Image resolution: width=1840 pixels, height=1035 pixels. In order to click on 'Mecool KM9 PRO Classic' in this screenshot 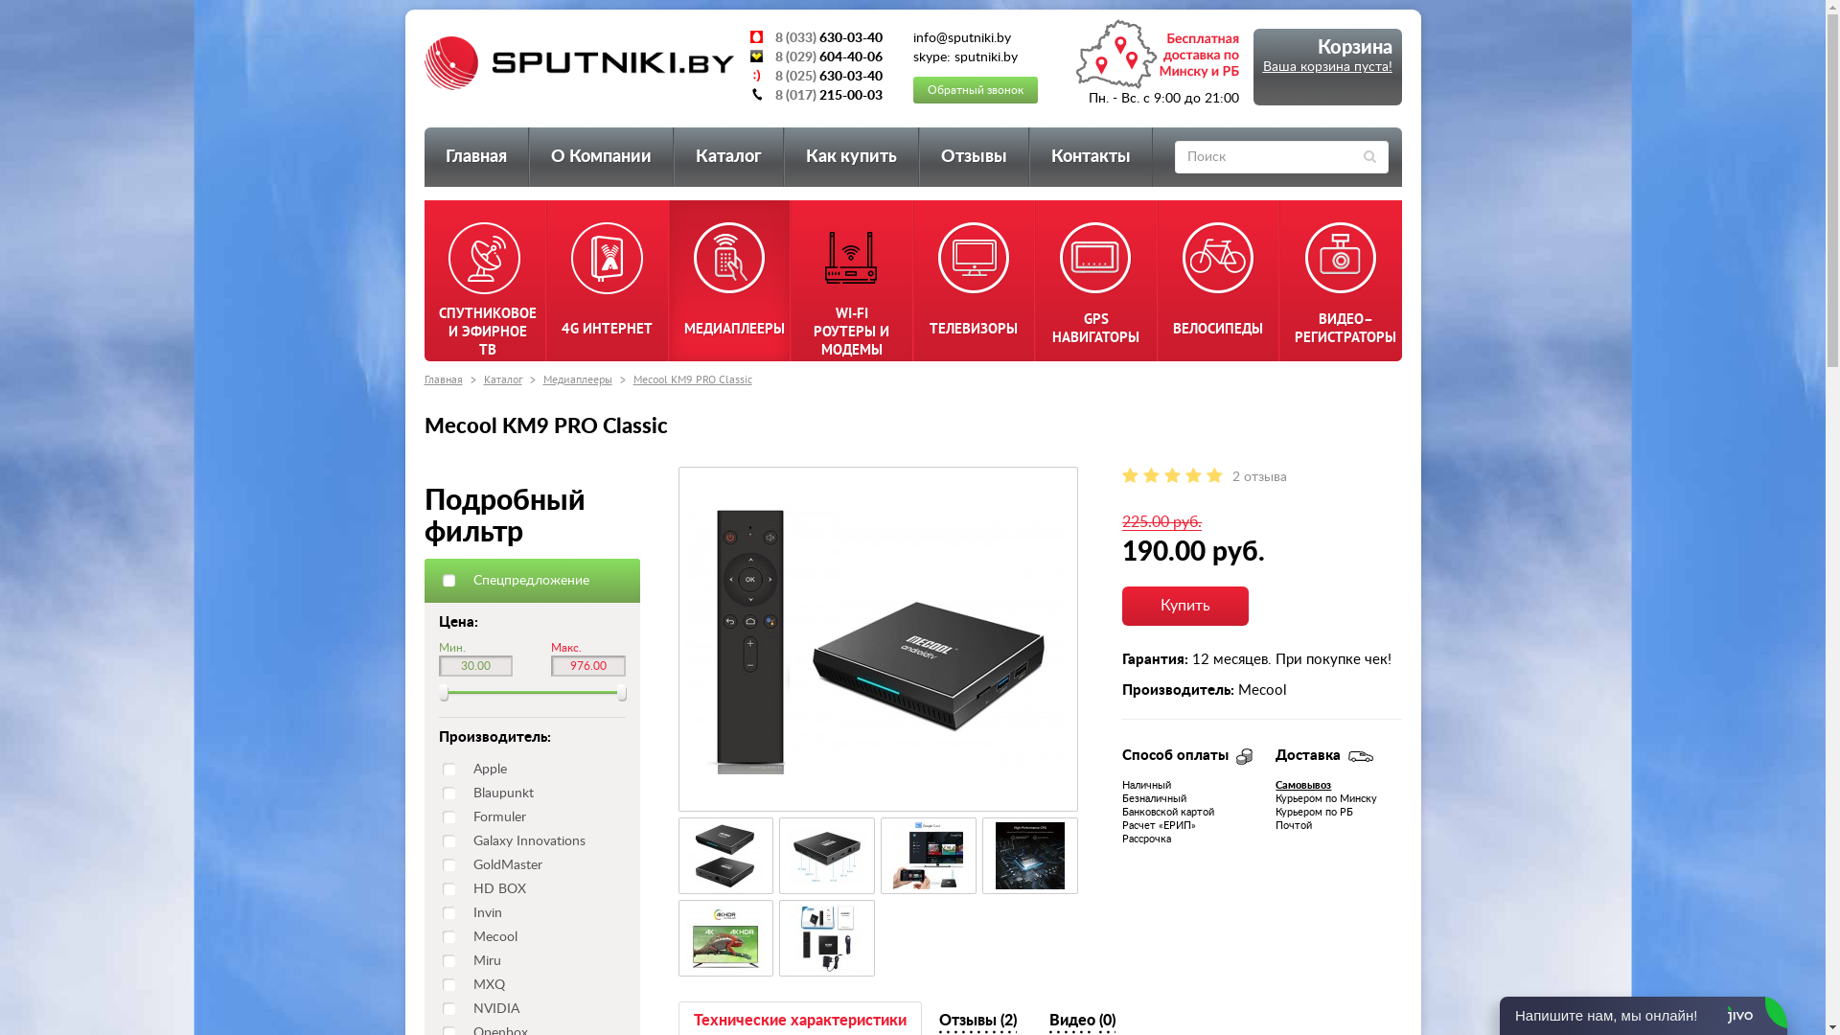, I will do `click(690, 379)`.